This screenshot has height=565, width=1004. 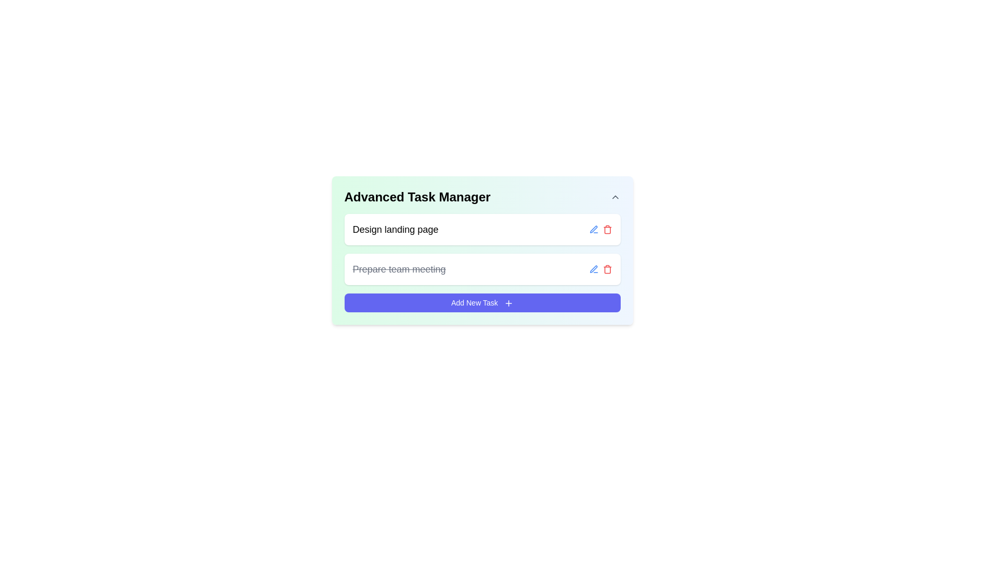 What do you see at coordinates (594, 269) in the screenshot?
I see `the first Icon button used for editing the task name 'Design landing page' in the Advanced Task Manager layout` at bounding box center [594, 269].